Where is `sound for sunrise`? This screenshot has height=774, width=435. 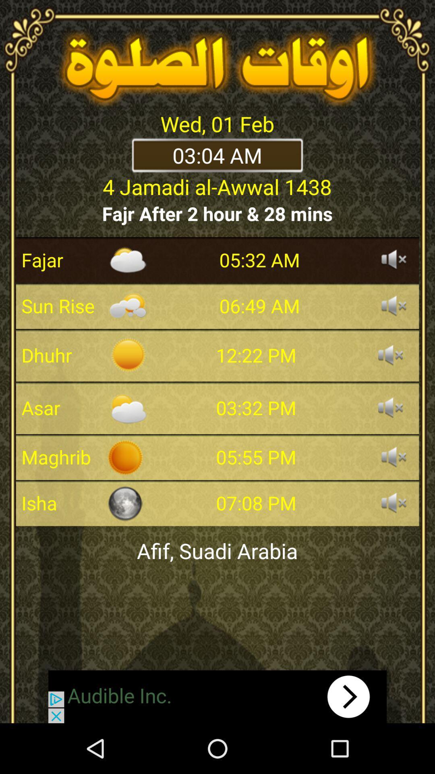 sound for sunrise is located at coordinates (394, 305).